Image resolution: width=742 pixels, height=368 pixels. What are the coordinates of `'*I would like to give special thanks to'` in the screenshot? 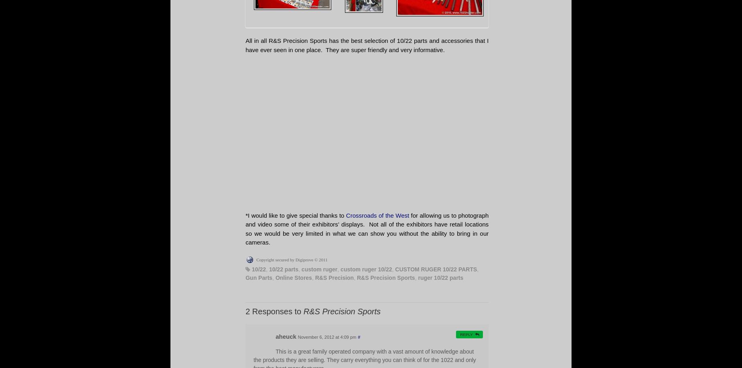 It's located at (296, 215).